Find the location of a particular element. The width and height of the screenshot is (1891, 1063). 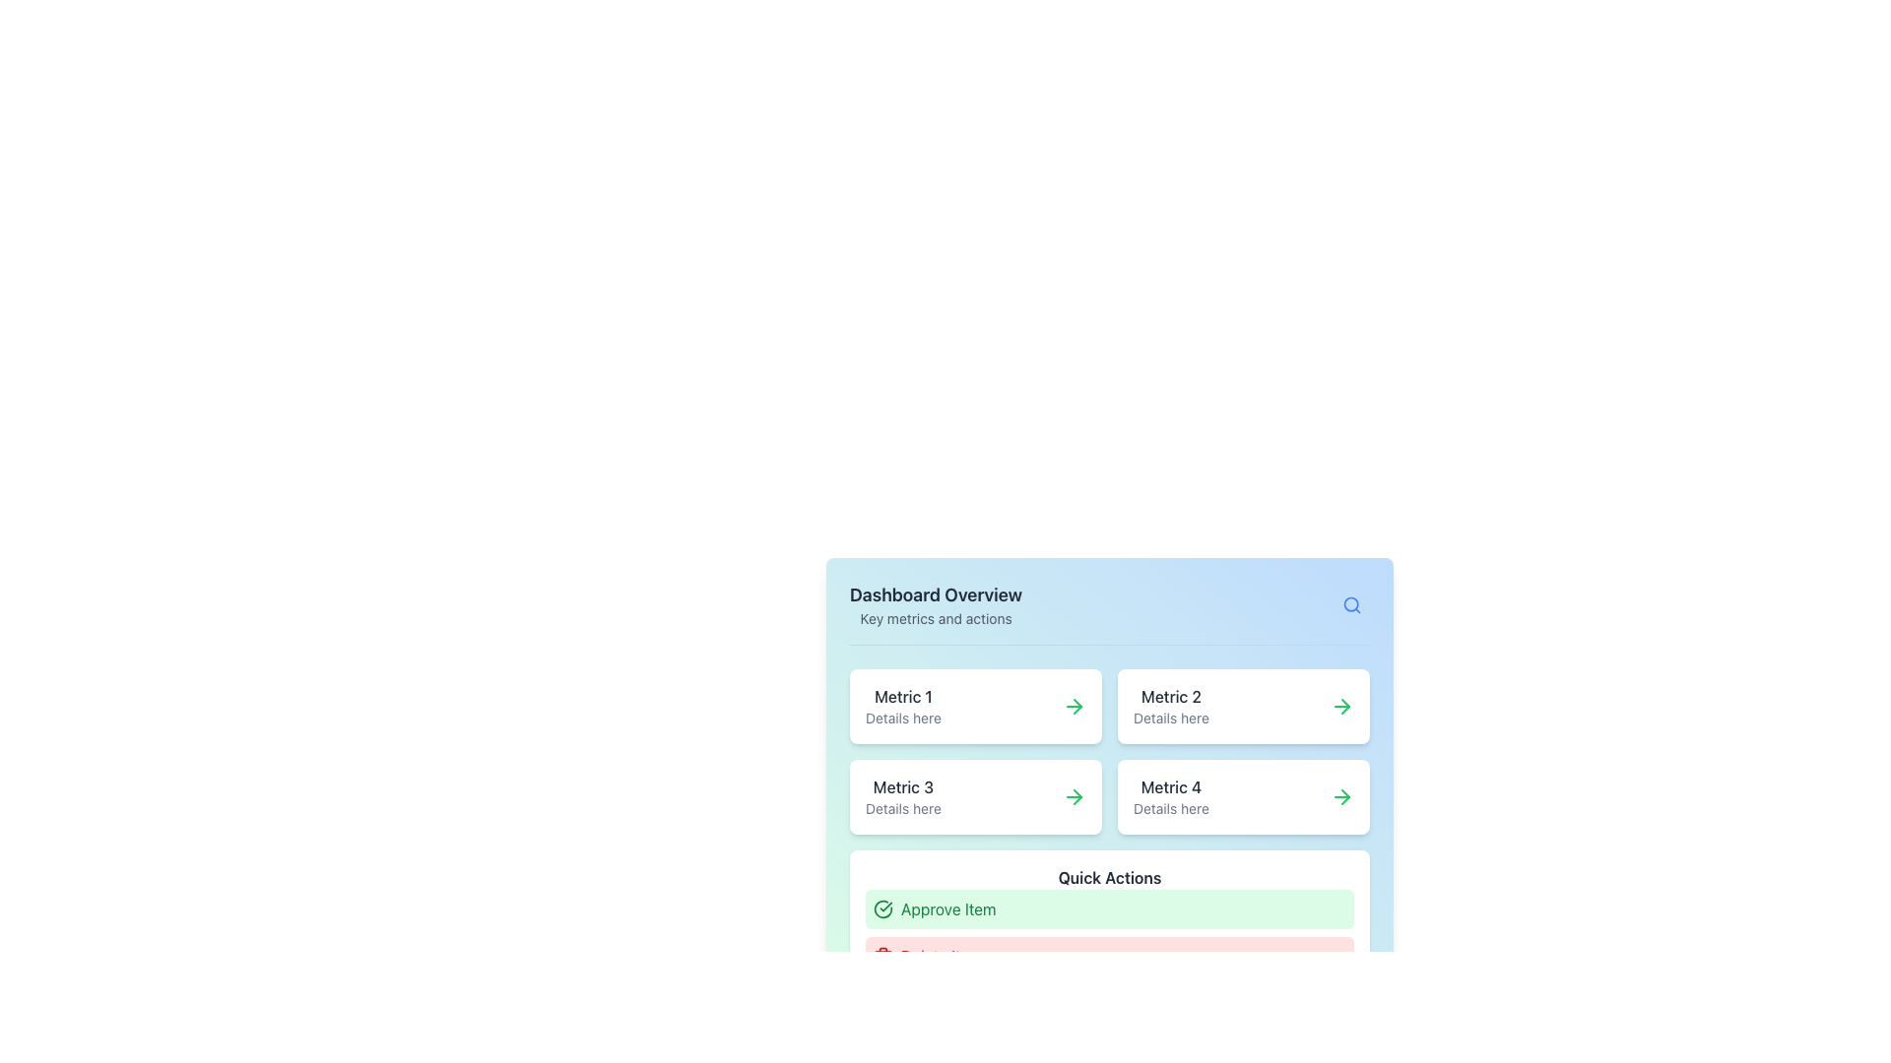

the third card in the grid layout on the left side of the second row in the 'Dashboard Overview' section is located at coordinates (975, 797).